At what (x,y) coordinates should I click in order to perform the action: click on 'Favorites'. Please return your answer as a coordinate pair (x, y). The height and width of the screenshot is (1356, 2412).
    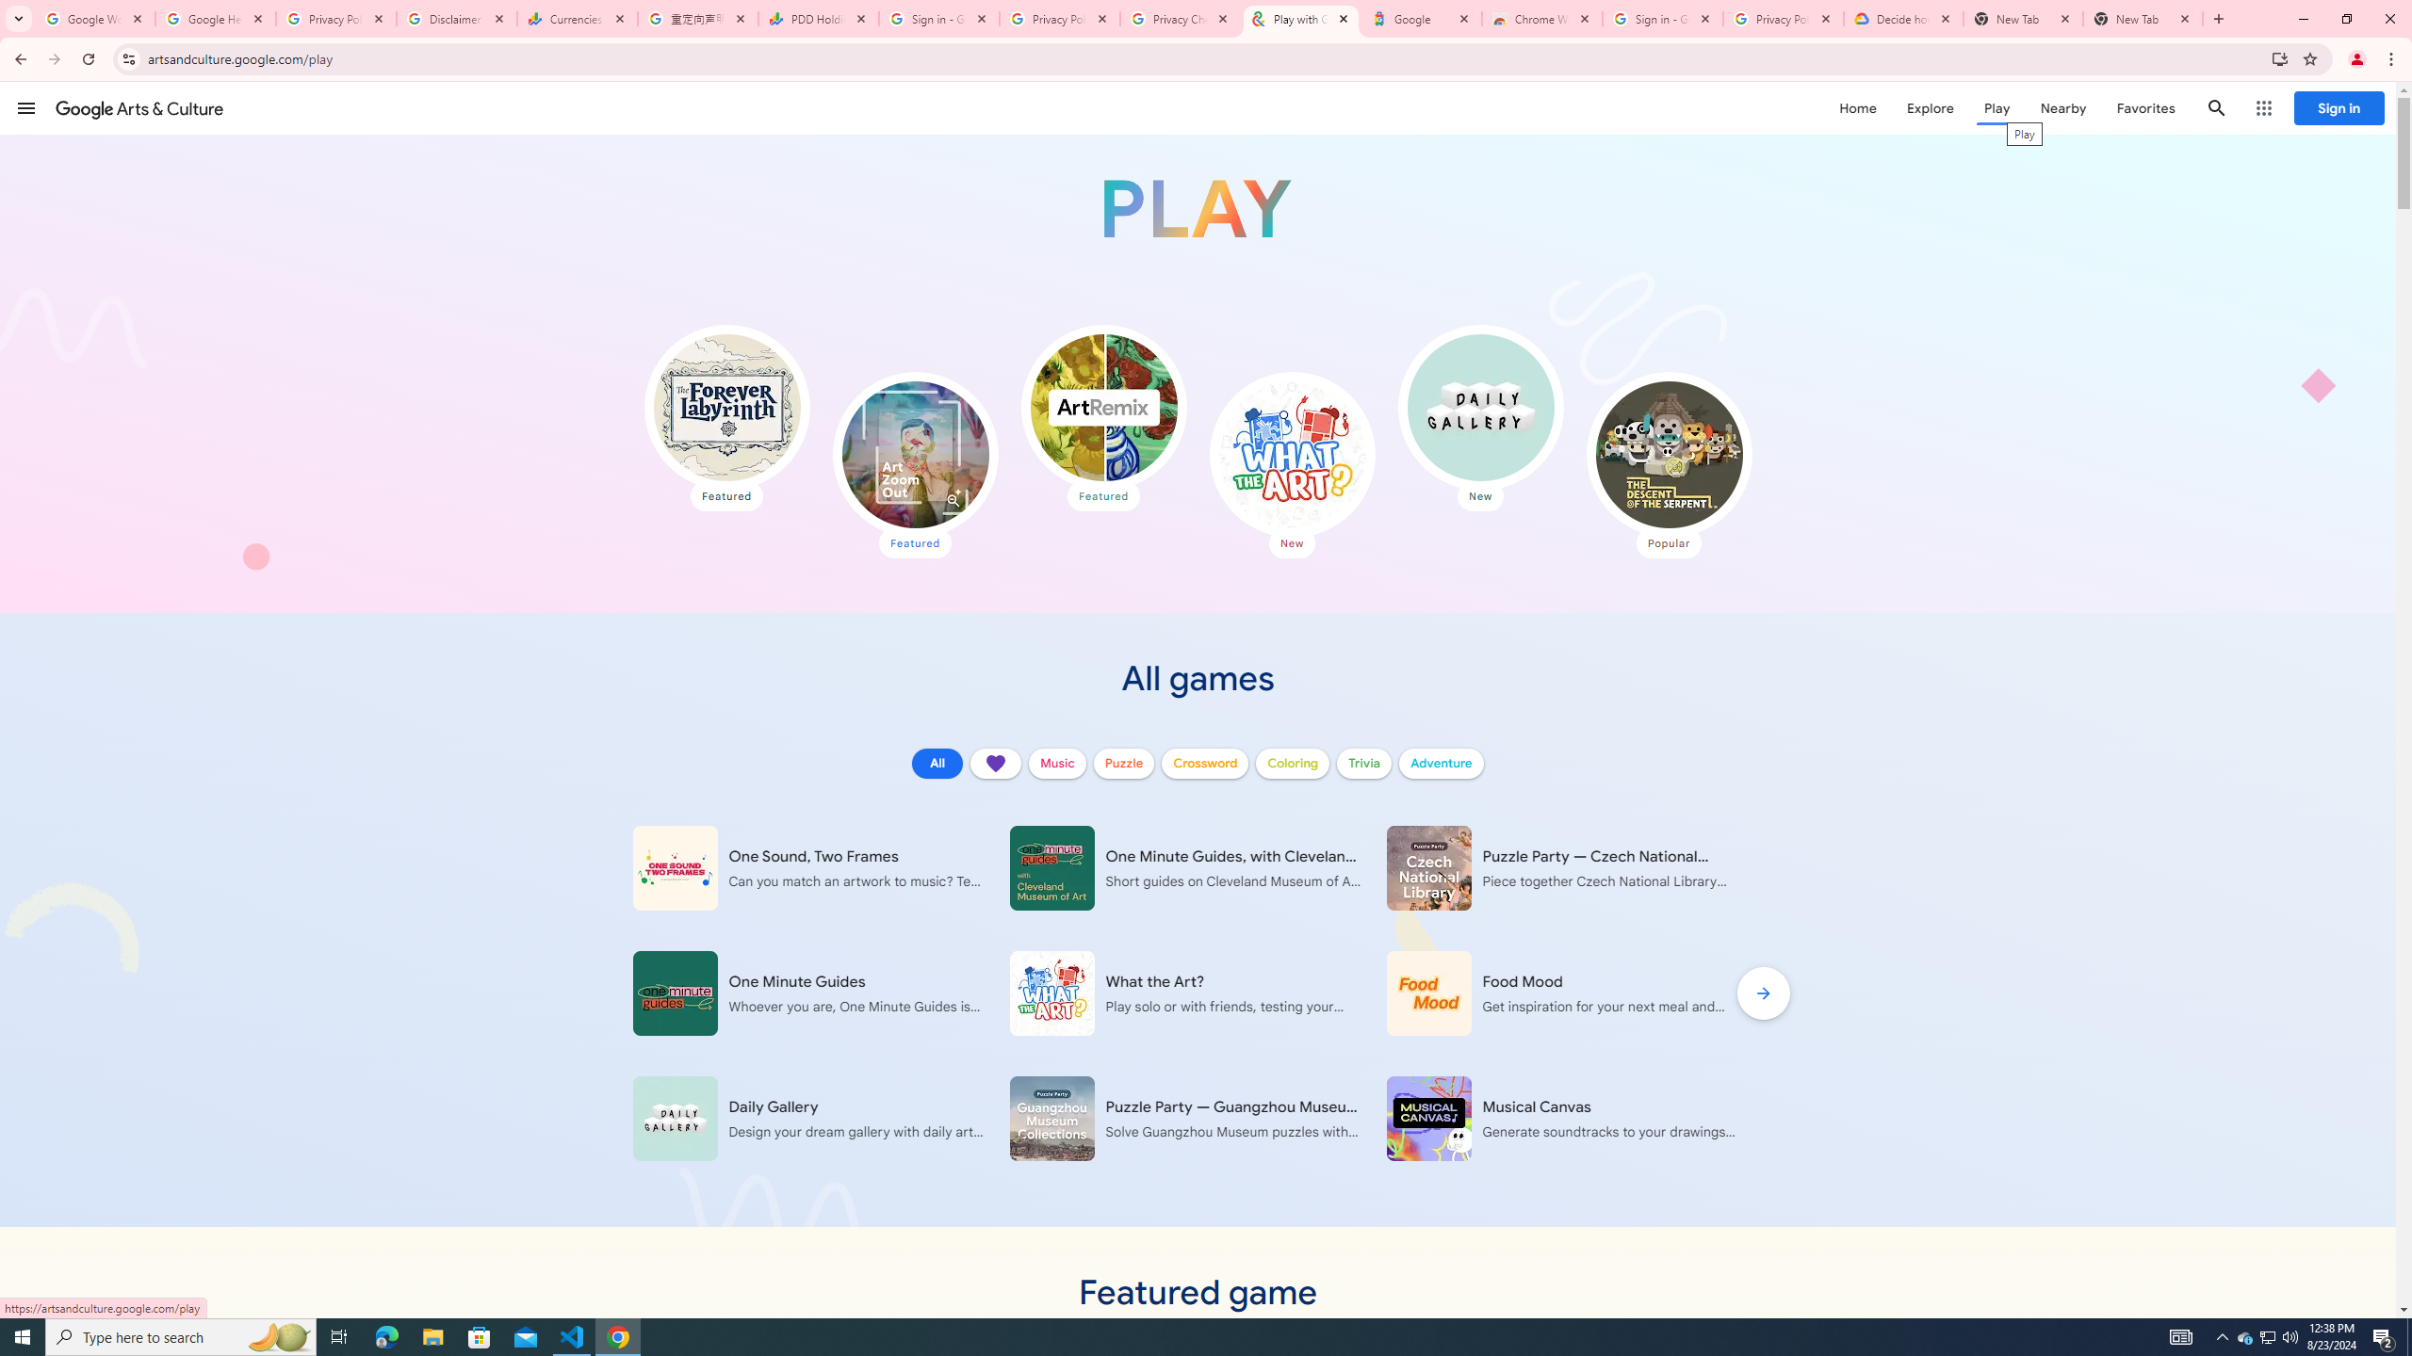
    Looking at the image, I should click on (2144, 107).